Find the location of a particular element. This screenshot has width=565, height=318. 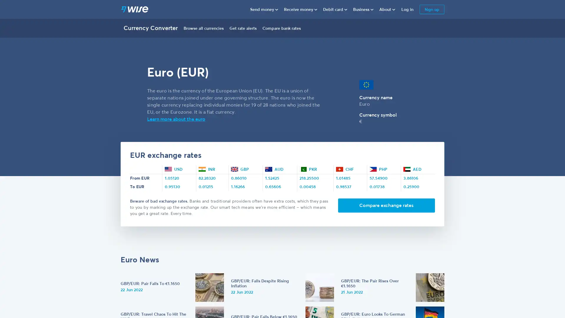

Compare exchange rates is located at coordinates (386, 205).